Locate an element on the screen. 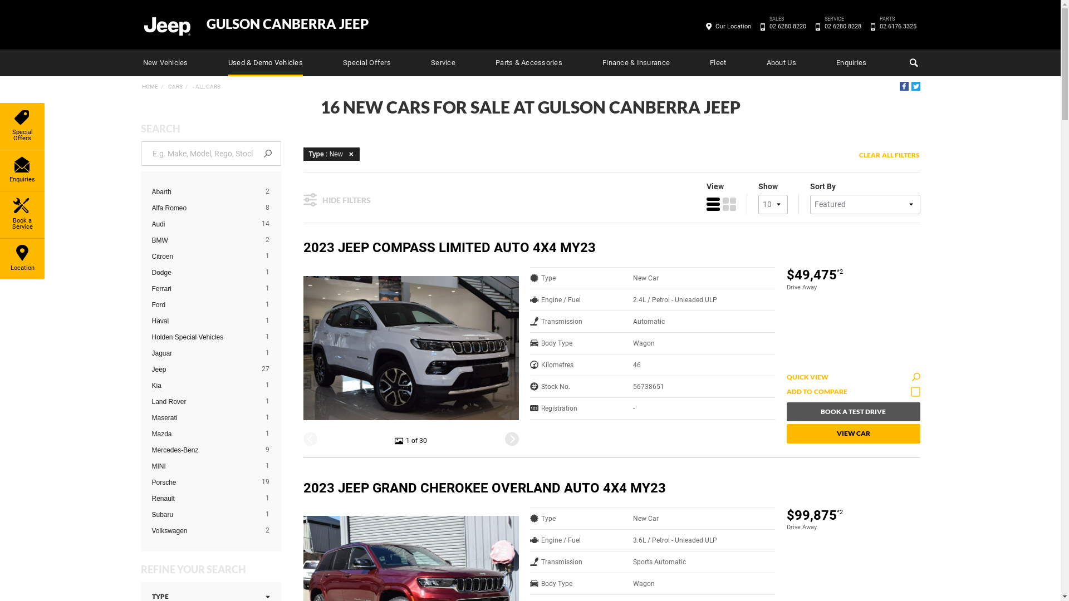 This screenshot has height=601, width=1069. 'Haval' is located at coordinates (202, 321).